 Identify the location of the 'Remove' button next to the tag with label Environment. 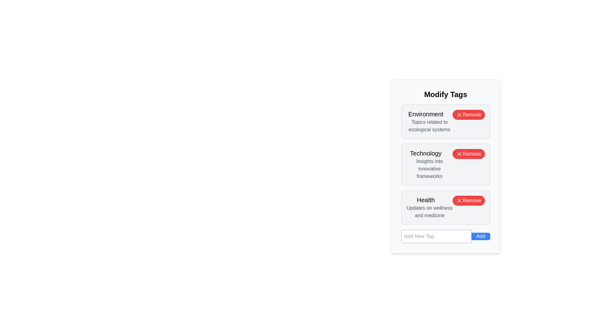
(469, 115).